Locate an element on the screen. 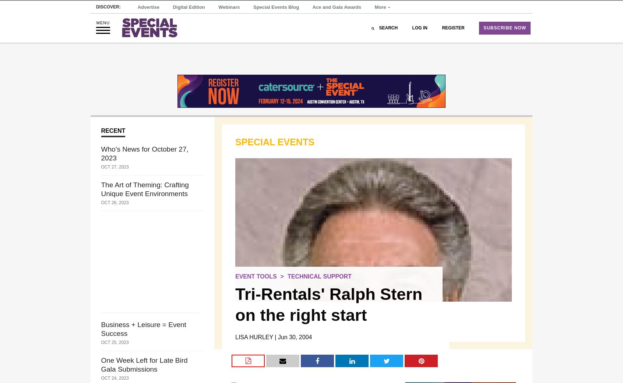  'Event Tools' is located at coordinates (256, 276).